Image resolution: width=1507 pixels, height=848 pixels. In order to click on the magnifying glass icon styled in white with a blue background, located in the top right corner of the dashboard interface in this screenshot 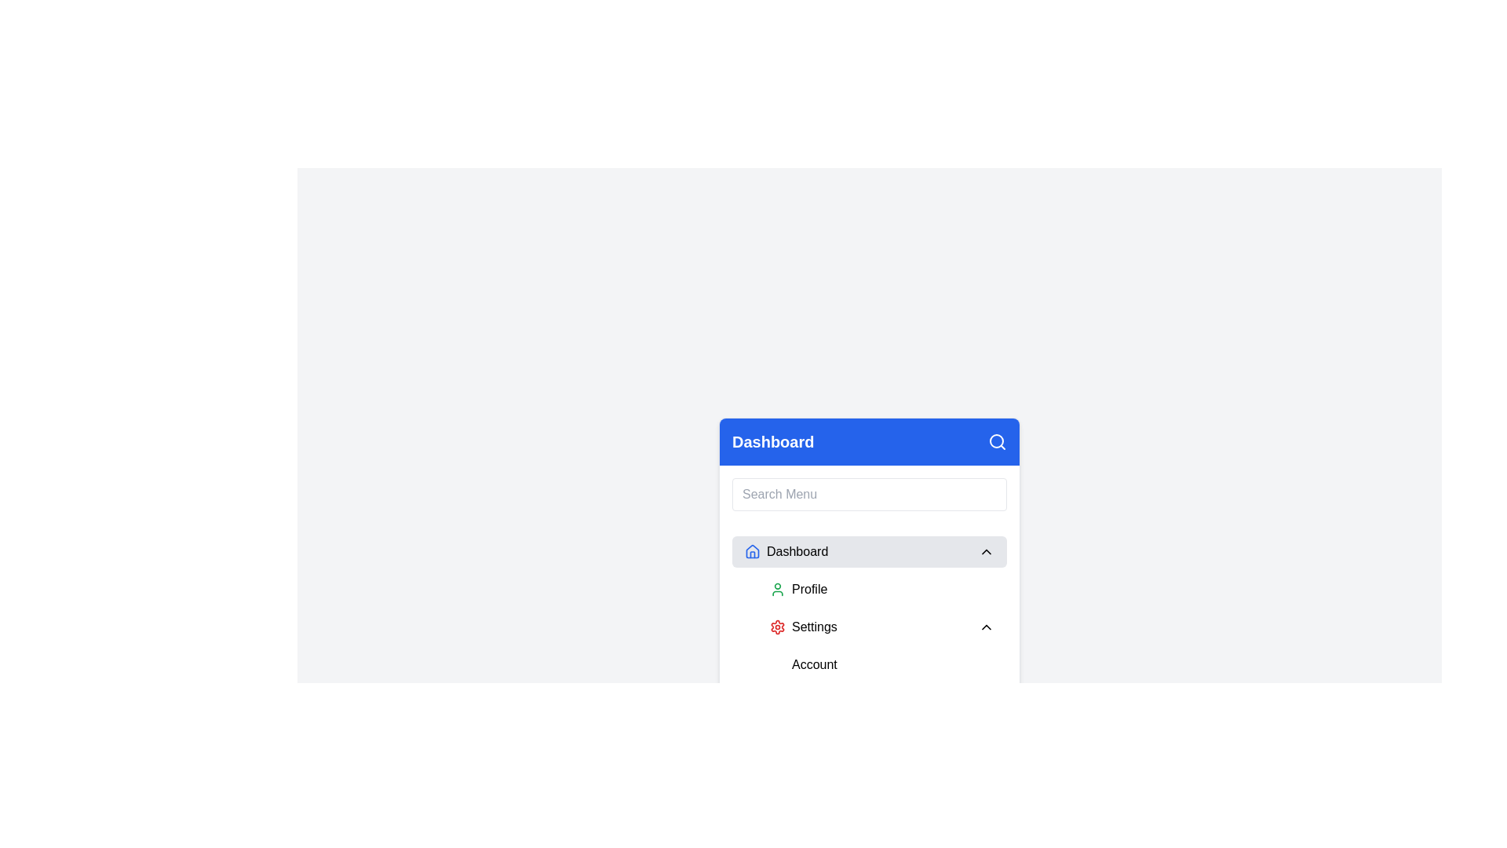, I will do `click(997, 442)`.